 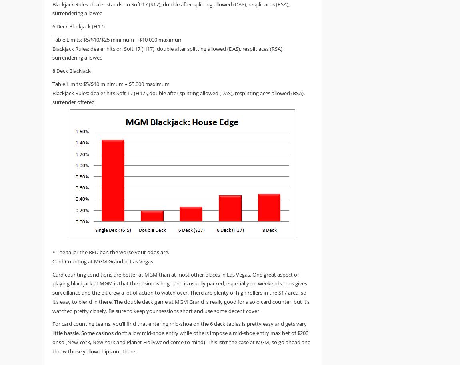 What do you see at coordinates (182, 337) in the screenshot?
I see `'For card counting teams, you’ll find that entering mid-shoe on the 6 deck tables is pretty easy and gets very little hassle. Some casinos don’t allow mid-shoe entry while others impose a mid-shoe entry max bet of $200 or so (New York, New York and Planet Hollywood come to mind). This isn’t the case at MGM, so go ahead and throw those yellow chips out there!'` at bounding box center [182, 337].